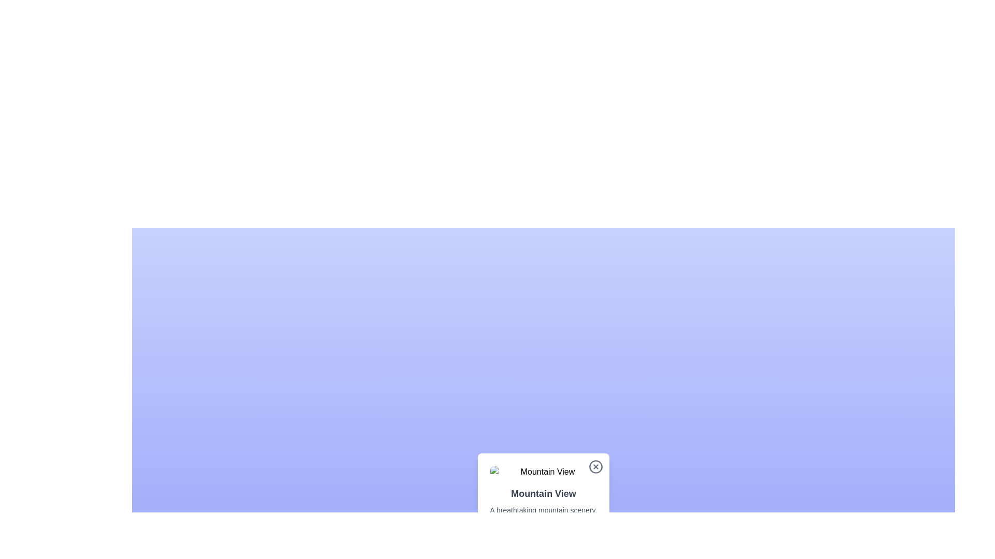  I want to click on text block containing the bold heading 'Mountain View' and the subtext 'A breathtaking mountain scenery.' which is located centrally below the image thumbnail, so click(543, 501).